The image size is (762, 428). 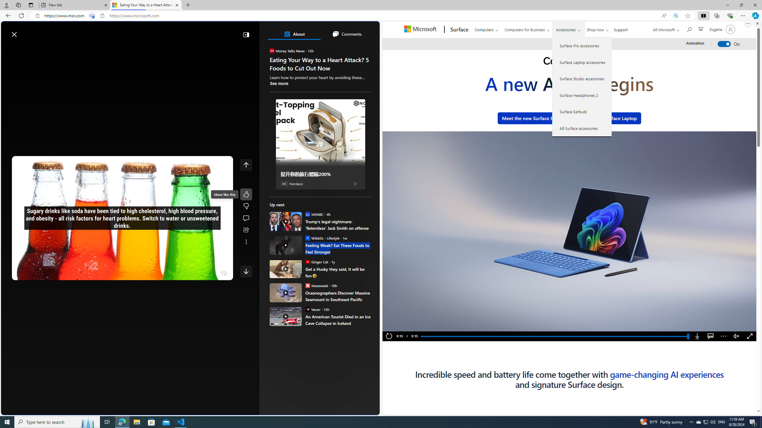 What do you see at coordinates (246, 194) in the screenshot?
I see `'Like'` at bounding box center [246, 194].